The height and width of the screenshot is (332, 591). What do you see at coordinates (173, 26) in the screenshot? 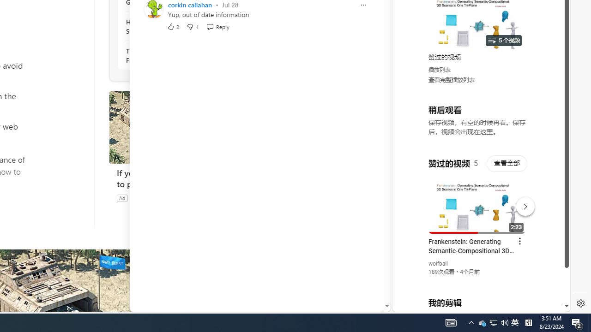
I see `'2 Like'` at bounding box center [173, 26].